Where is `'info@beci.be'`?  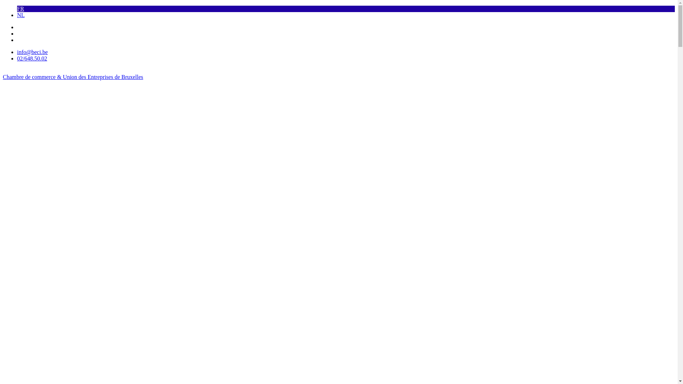 'info@beci.be' is located at coordinates (32, 52).